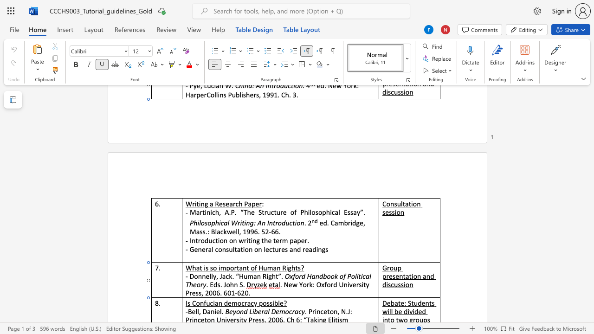 The height and width of the screenshot is (334, 594). Describe the element at coordinates (265, 212) in the screenshot. I see `the 2th character "r" in the text` at that location.